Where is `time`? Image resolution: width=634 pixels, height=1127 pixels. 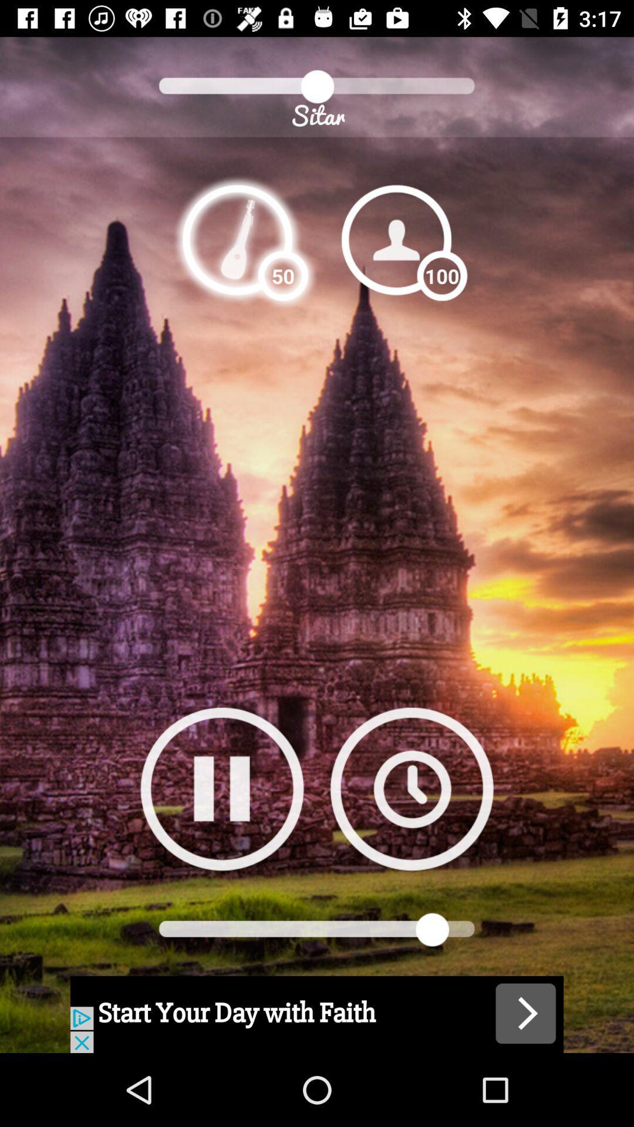 time is located at coordinates (411, 788).